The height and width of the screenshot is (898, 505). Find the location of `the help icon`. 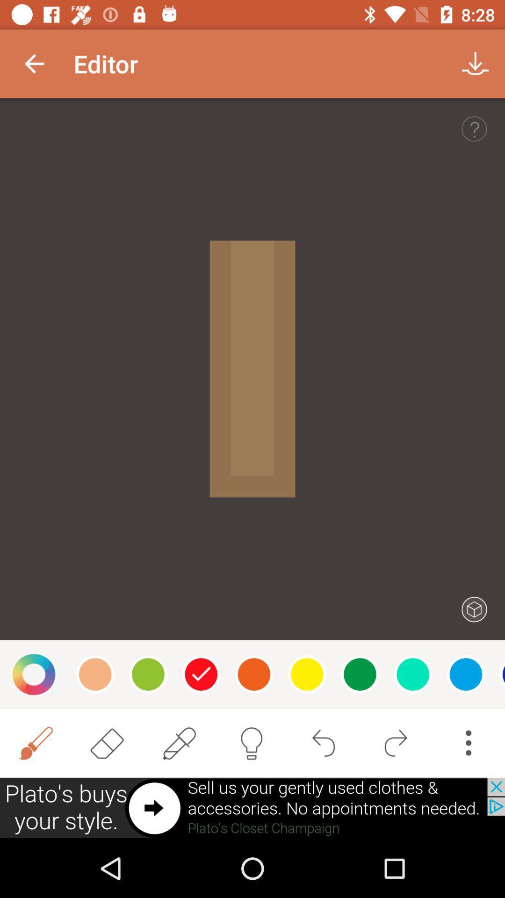

the help icon is located at coordinates (474, 128).